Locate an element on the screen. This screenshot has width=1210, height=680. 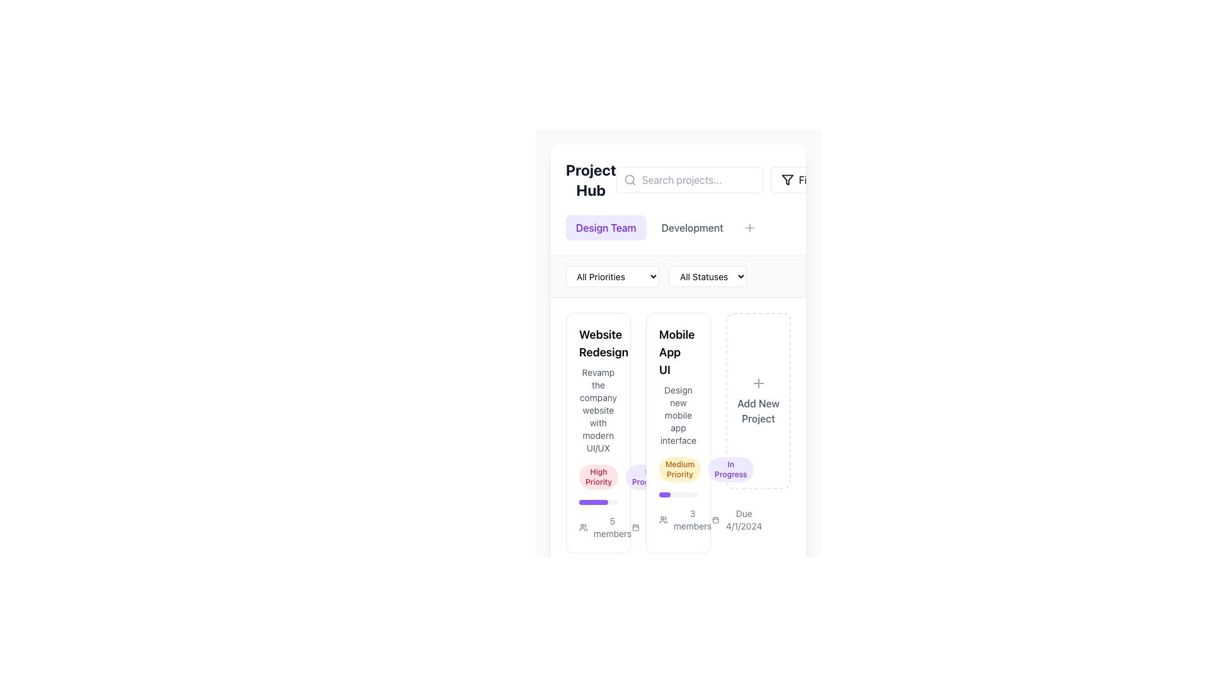
the label with an icon that indicates the due date of the associated project or task, positioned in the bottom-right section of the 'Mobile App UI' card, next to the '3 members' text group is located at coordinates (738, 519).